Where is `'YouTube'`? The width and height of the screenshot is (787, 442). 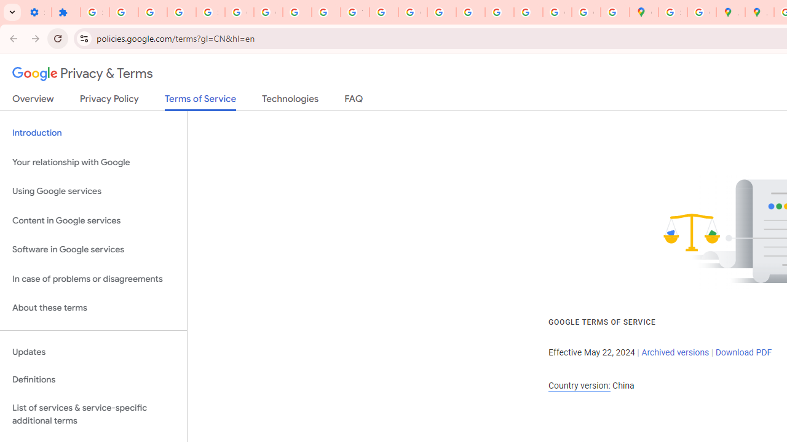
'YouTube' is located at coordinates (354, 12).